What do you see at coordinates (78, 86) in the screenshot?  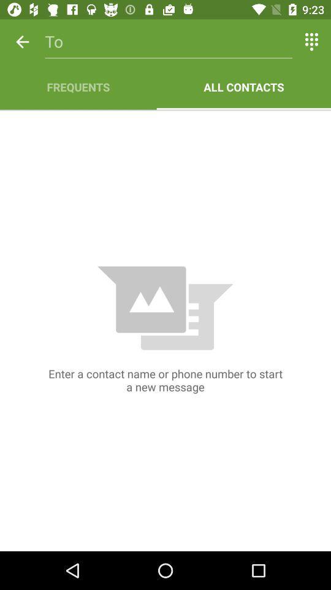 I see `icon to the left of the all contacts item` at bounding box center [78, 86].